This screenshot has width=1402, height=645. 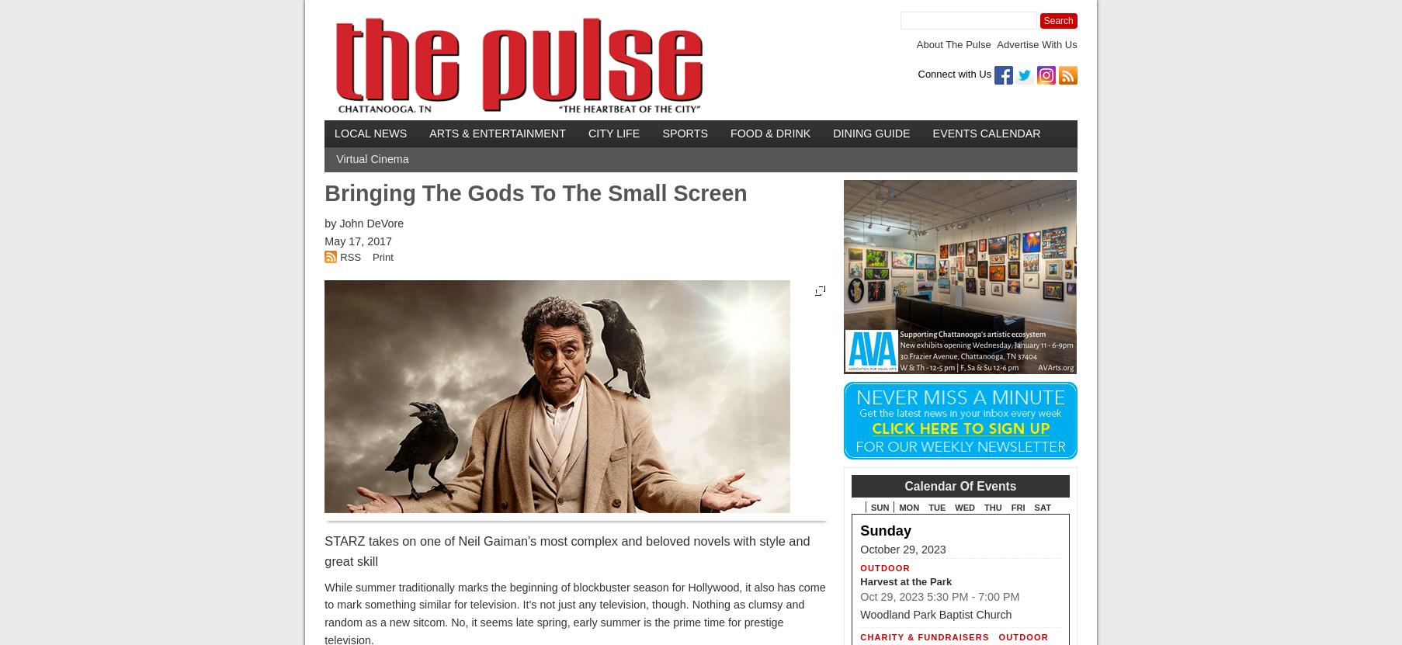 I want to click on 'City Life', so click(x=613, y=132).